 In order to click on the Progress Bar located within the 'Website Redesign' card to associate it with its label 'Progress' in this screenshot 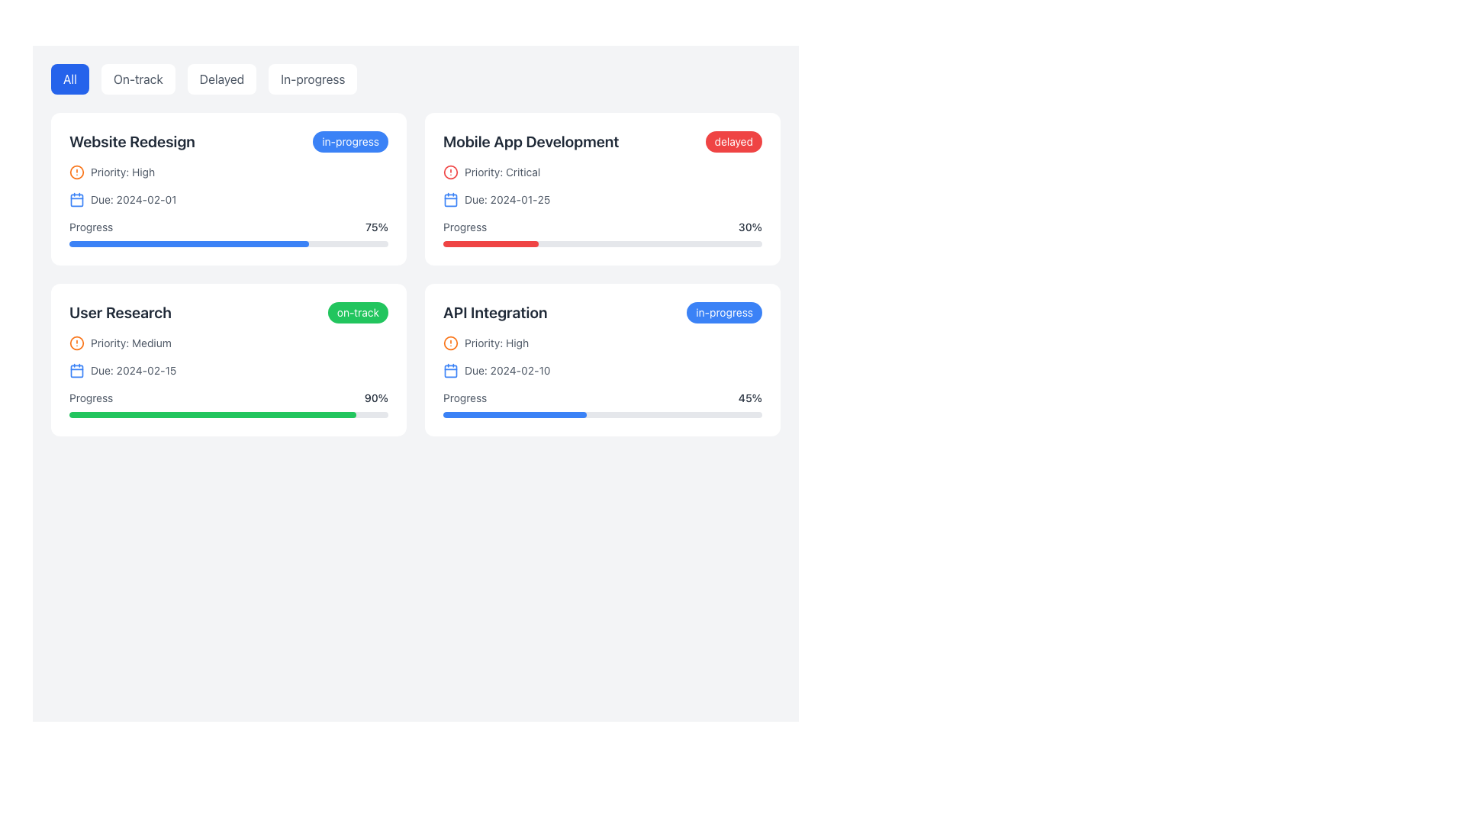, I will do `click(227, 243)`.